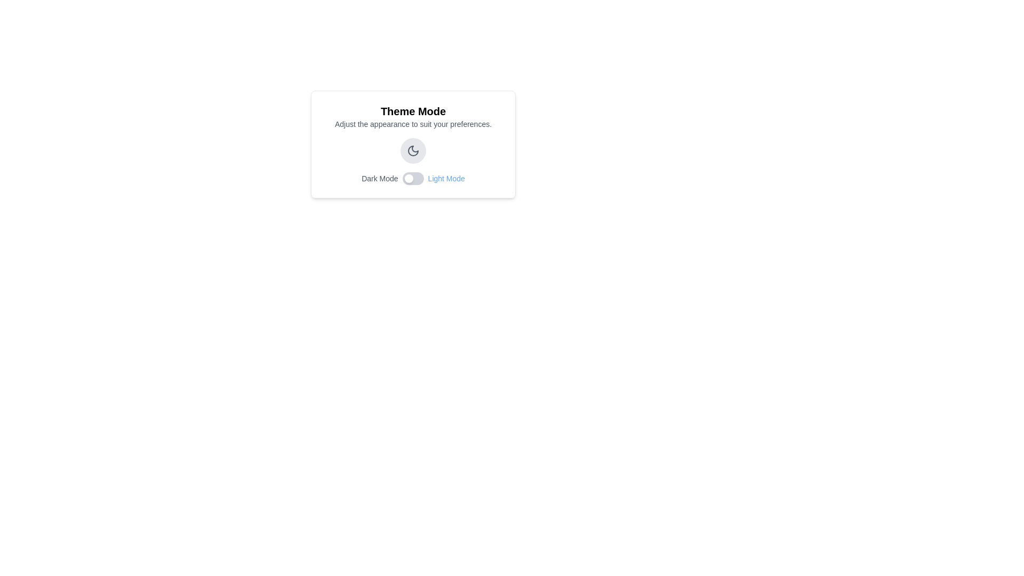 The height and width of the screenshot is (576, 1024). I want to click on the text label providing guidance for theme-related settings, which is positioned directly below the 'Theme Mode' title, so click(412, 123).